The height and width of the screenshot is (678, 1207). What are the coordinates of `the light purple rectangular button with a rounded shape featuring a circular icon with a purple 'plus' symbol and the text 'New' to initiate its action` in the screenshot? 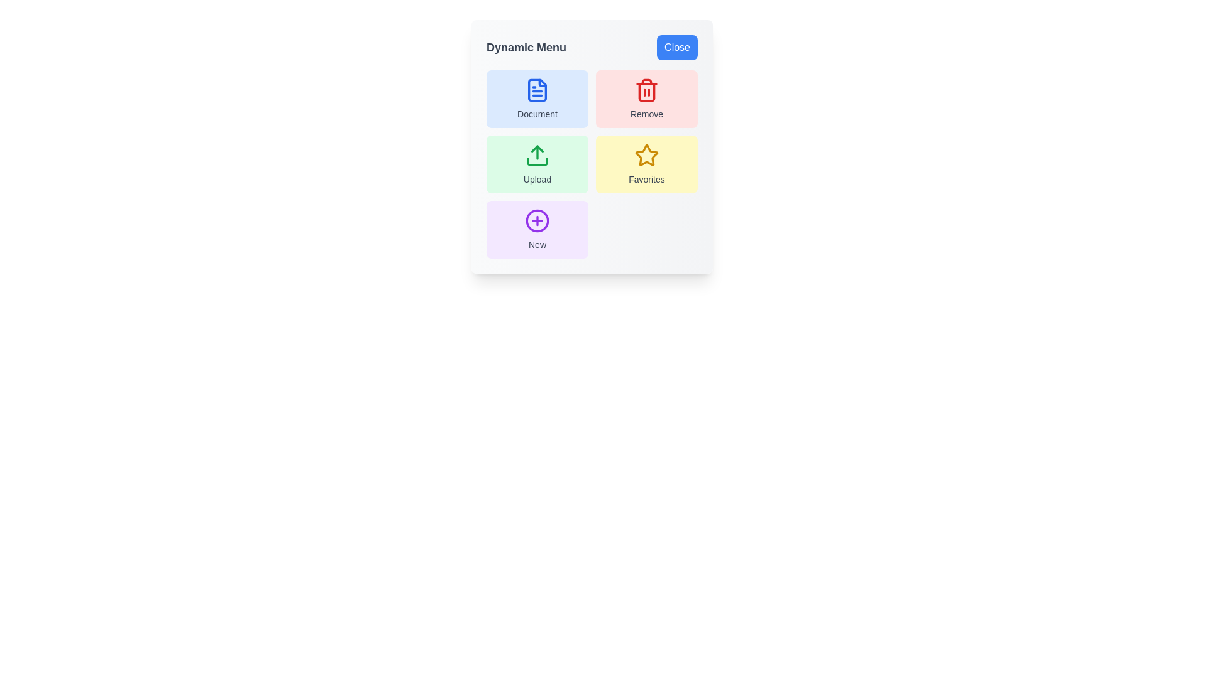 It's located at (537, 230).